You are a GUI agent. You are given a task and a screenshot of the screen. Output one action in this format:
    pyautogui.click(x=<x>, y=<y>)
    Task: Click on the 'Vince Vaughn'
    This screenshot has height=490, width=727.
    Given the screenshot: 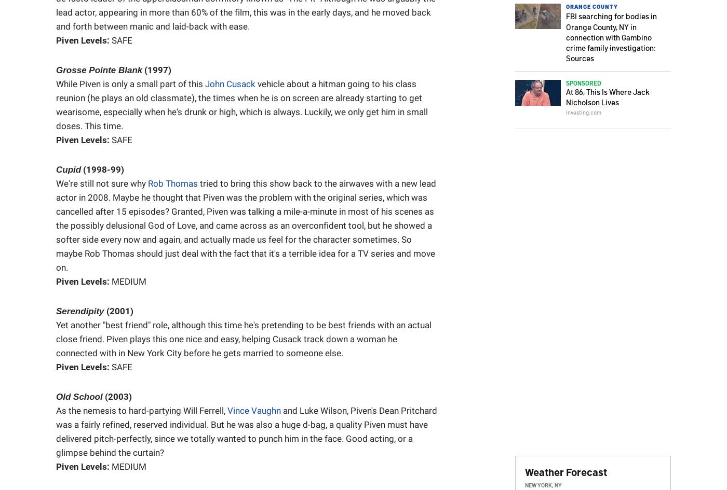 What is the action you would take?
    pyautogui.click(x=254, y=410)
    